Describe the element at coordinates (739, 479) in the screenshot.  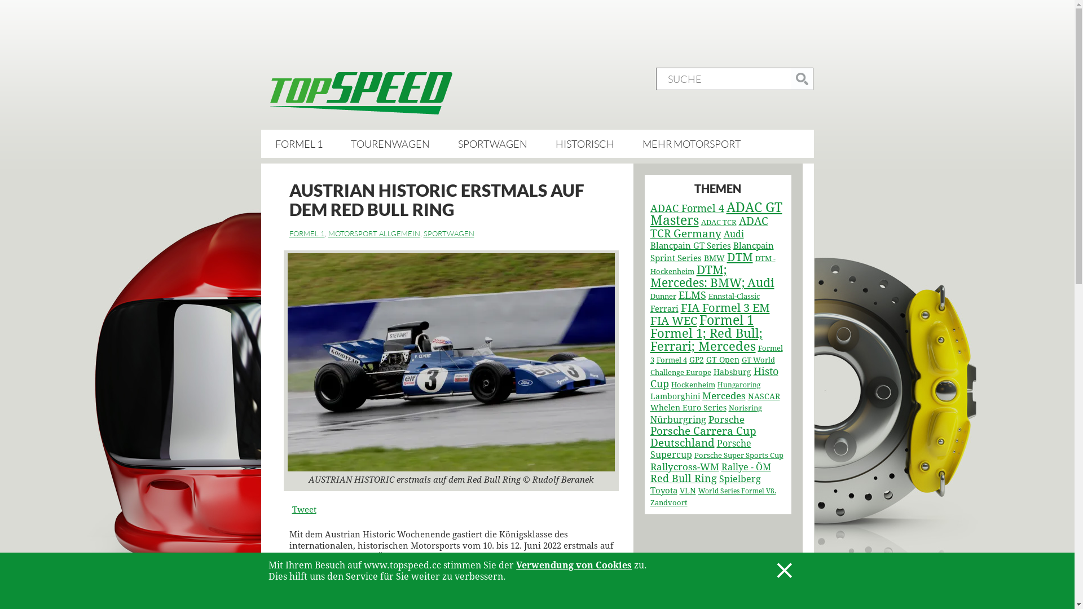
I see `'Spielberg'` at that location.